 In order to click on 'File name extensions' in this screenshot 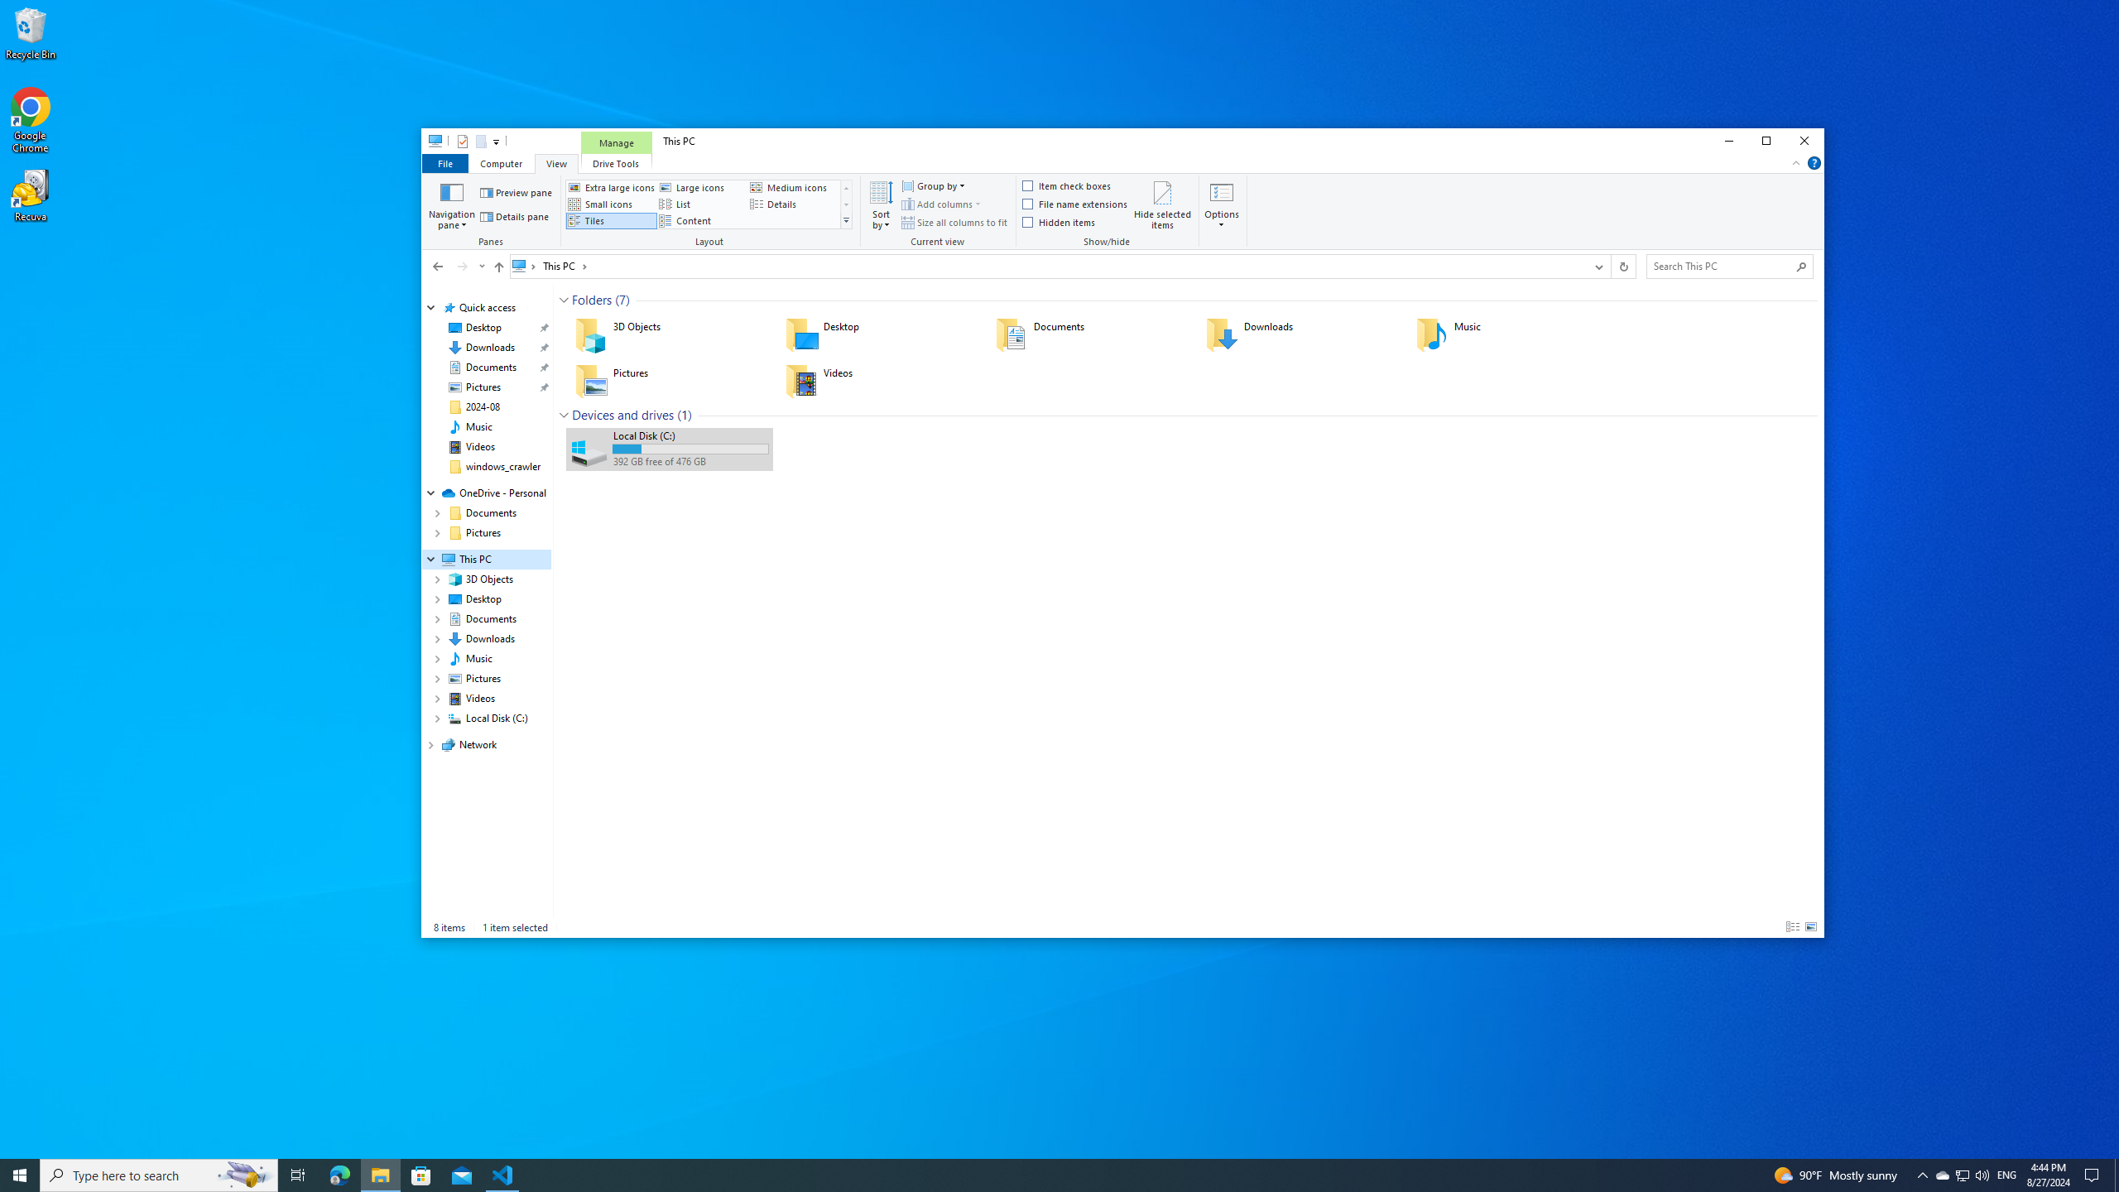, I will do `click(1075, 203)`.